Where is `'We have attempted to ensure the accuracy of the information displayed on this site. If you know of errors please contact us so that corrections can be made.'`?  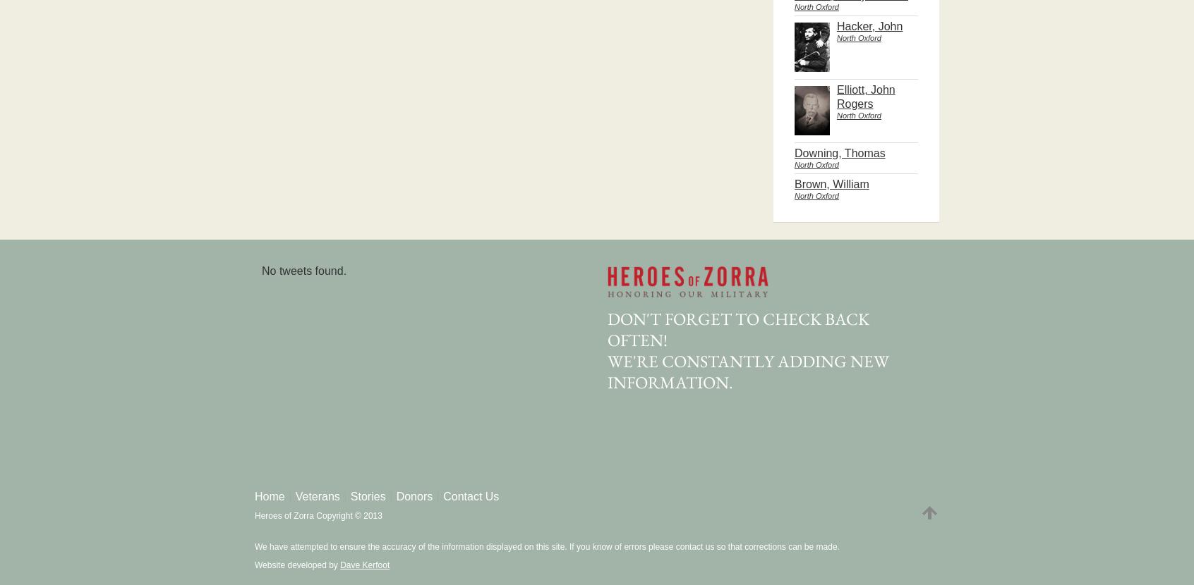
'We have attempted to ensure the accuracy of the information displayed on this site. If you know of errors please contact us so that corrections can be made.' is located at coordinates (545, 546).